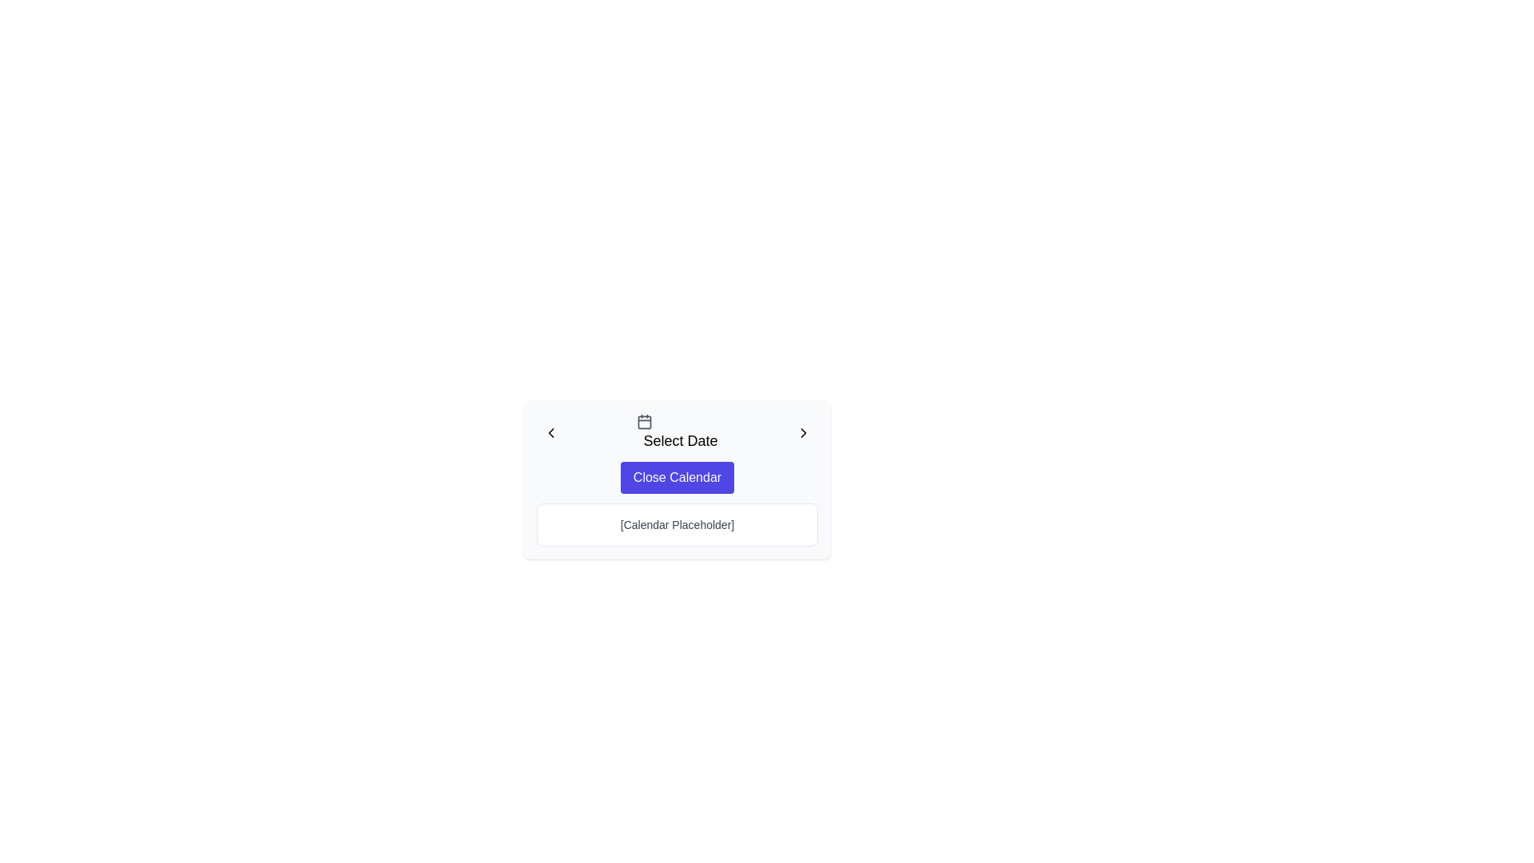 This screenshot has width=1534, height=863. Describe the element at coordinates (804, 433) in the screenshot. I see `the right arrow icon button` at that location.